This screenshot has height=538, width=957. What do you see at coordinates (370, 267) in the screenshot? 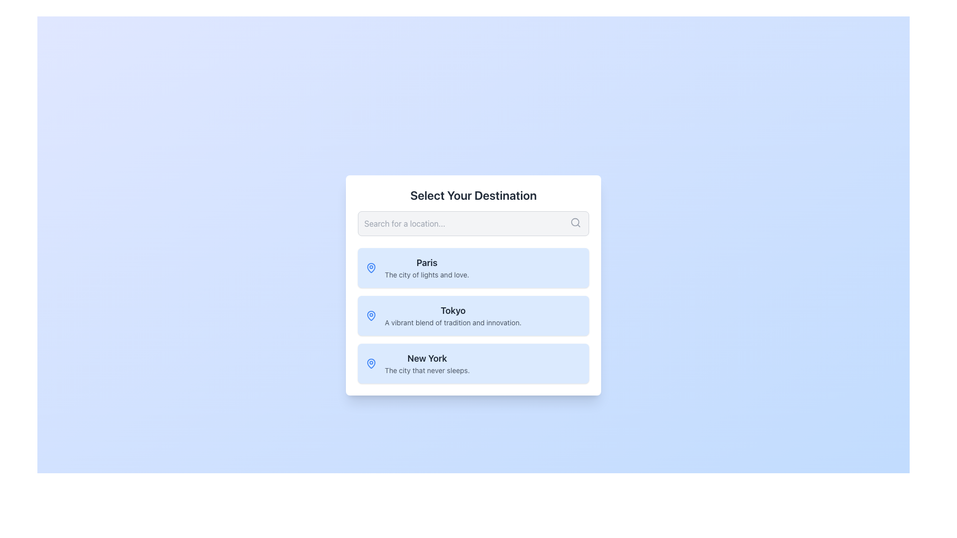
I see `the vibrant blue map pin icon located to the left of the text 'Paris'` at bounding box center [370, 267].